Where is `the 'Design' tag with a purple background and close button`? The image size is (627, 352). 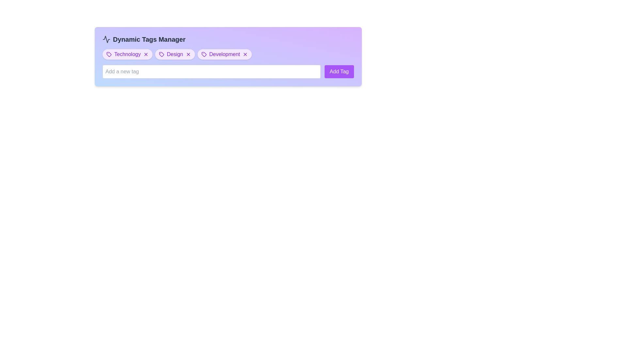 the 'Design' tag with a purple background and close button is located at coordinates (175, 54).